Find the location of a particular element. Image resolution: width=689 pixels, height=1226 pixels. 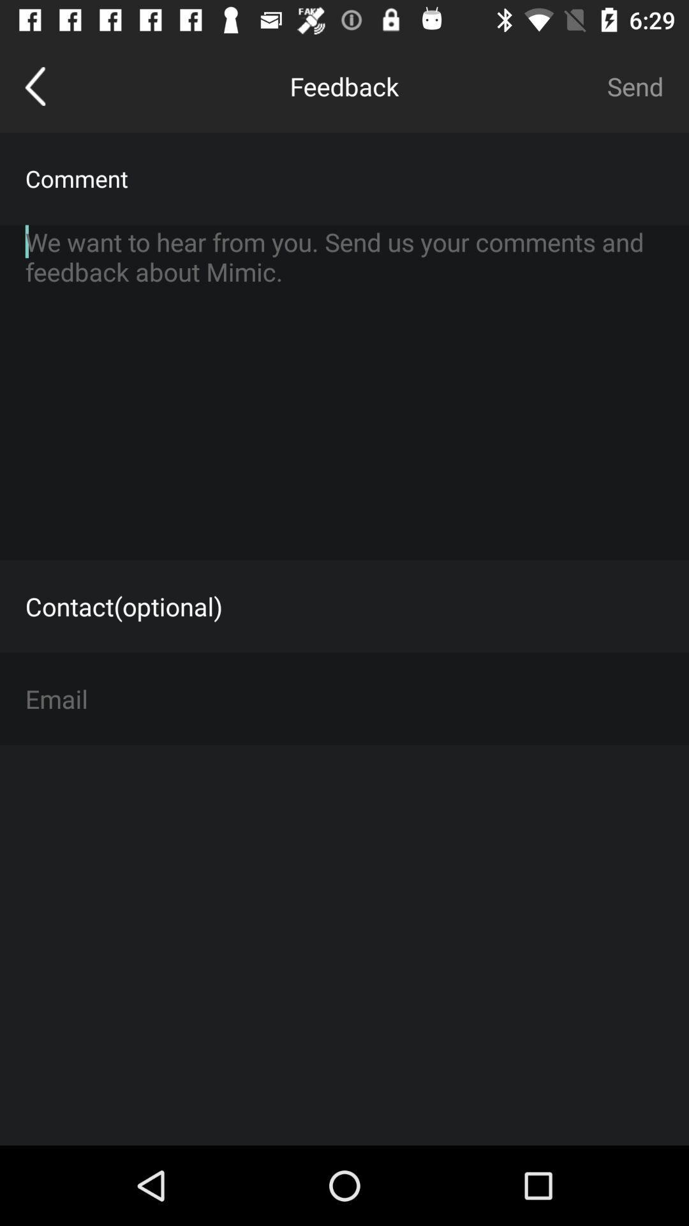

comment box is located at coordinates (344, 391).